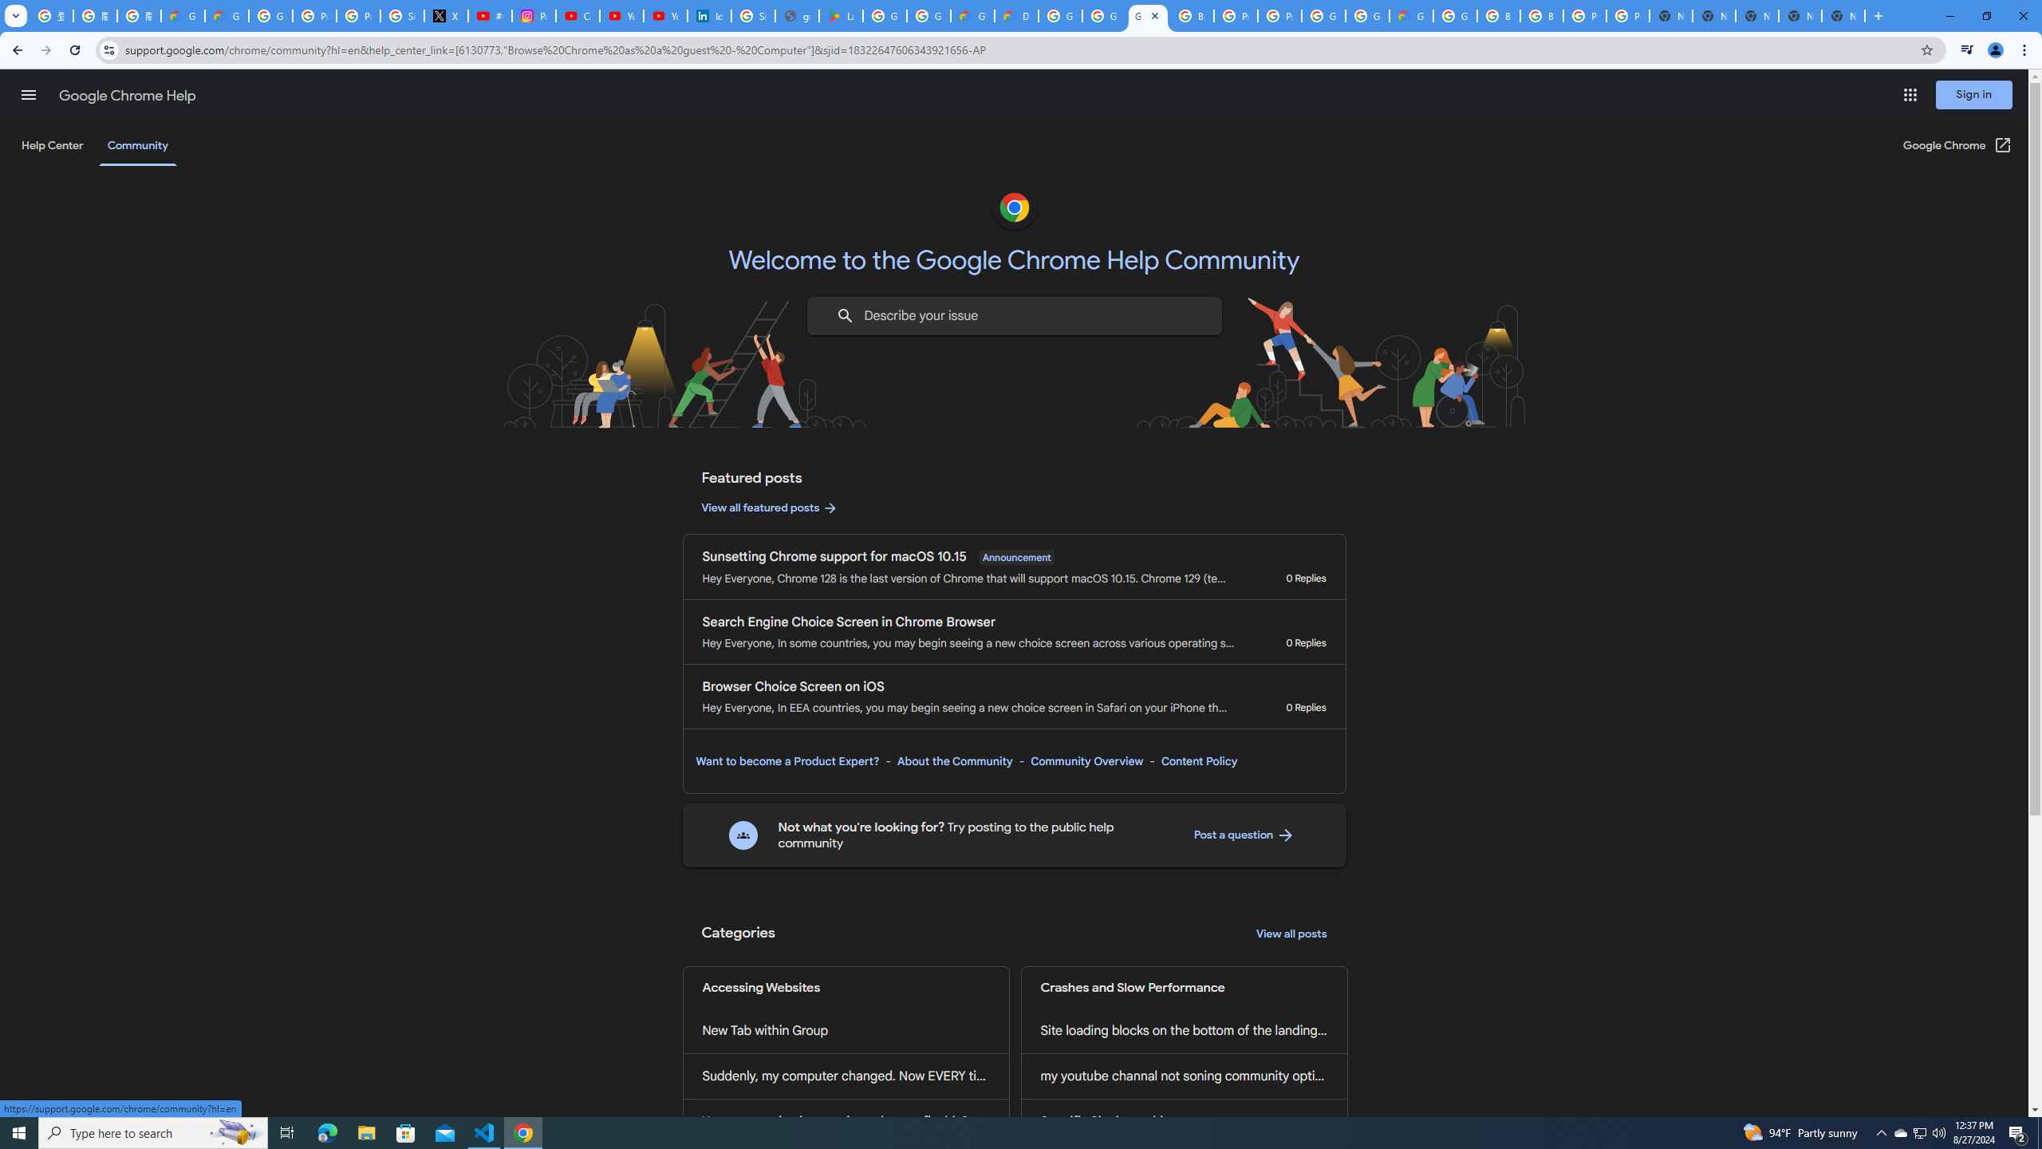  I want to click on 'Back', so click(15, 49).